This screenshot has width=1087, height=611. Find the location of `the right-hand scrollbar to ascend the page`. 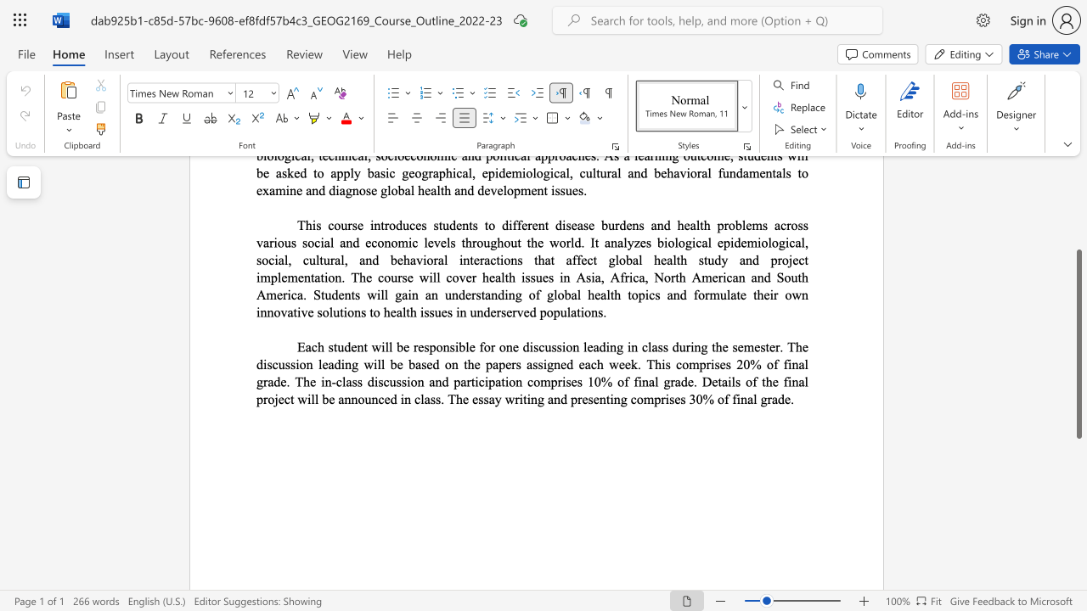

the right-hand scrollbar to ascend the page is located at coordinates (1078, 238).